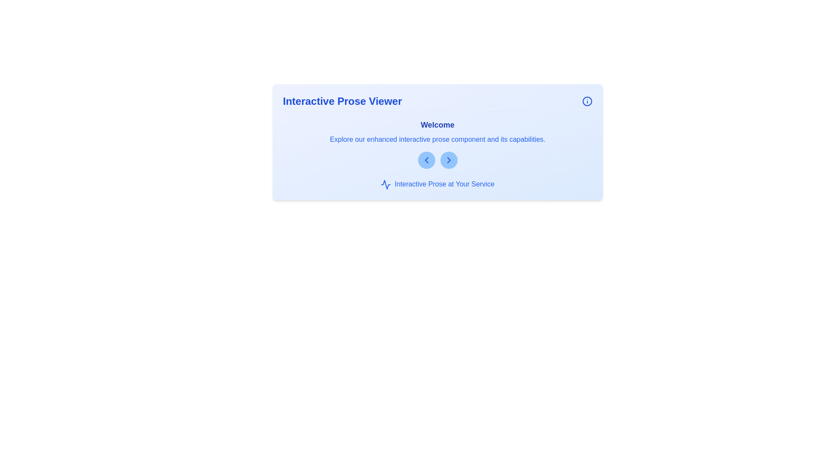 The width and height of the screenshot is (825, 464). I want to click on the blue-stroked SVG Circle that is centered in the info icon within the 'Interactive Prose Viewer' card, so click(587, 101).